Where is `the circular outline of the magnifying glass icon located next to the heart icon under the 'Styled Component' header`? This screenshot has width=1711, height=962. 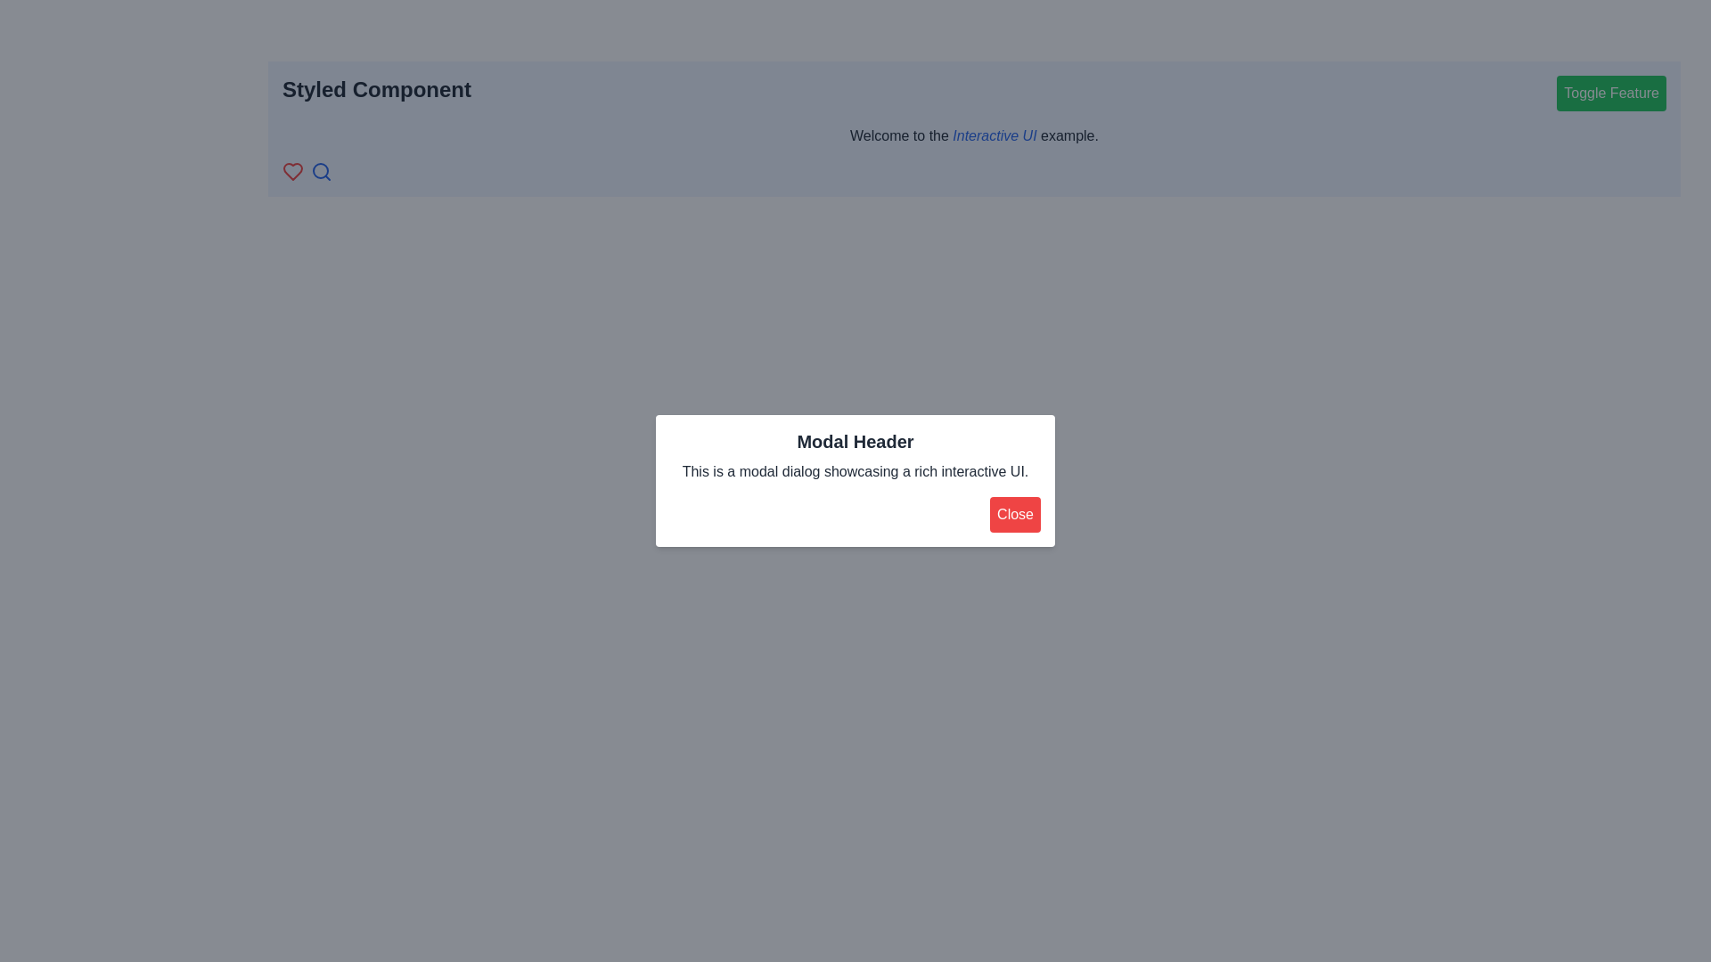 the circular outline of the magnifying glass icon located next to the heart icon under the 'Styled Component' header is located at coordinates (321, 171).